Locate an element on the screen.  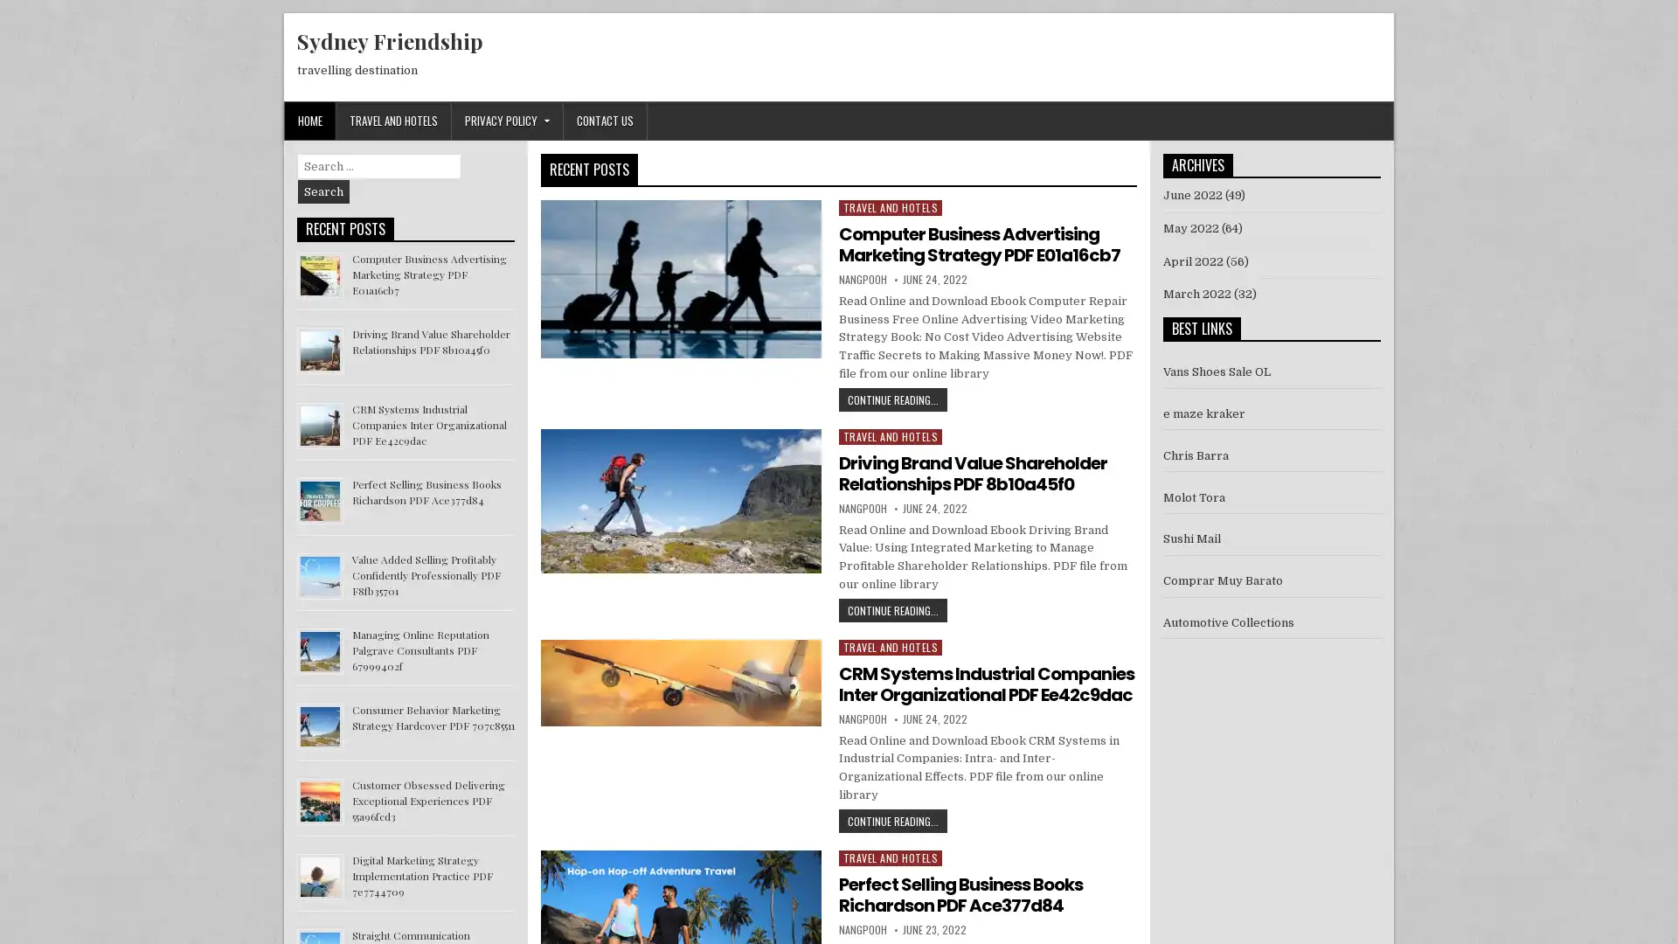
Search is located at coordinates (323, 191).